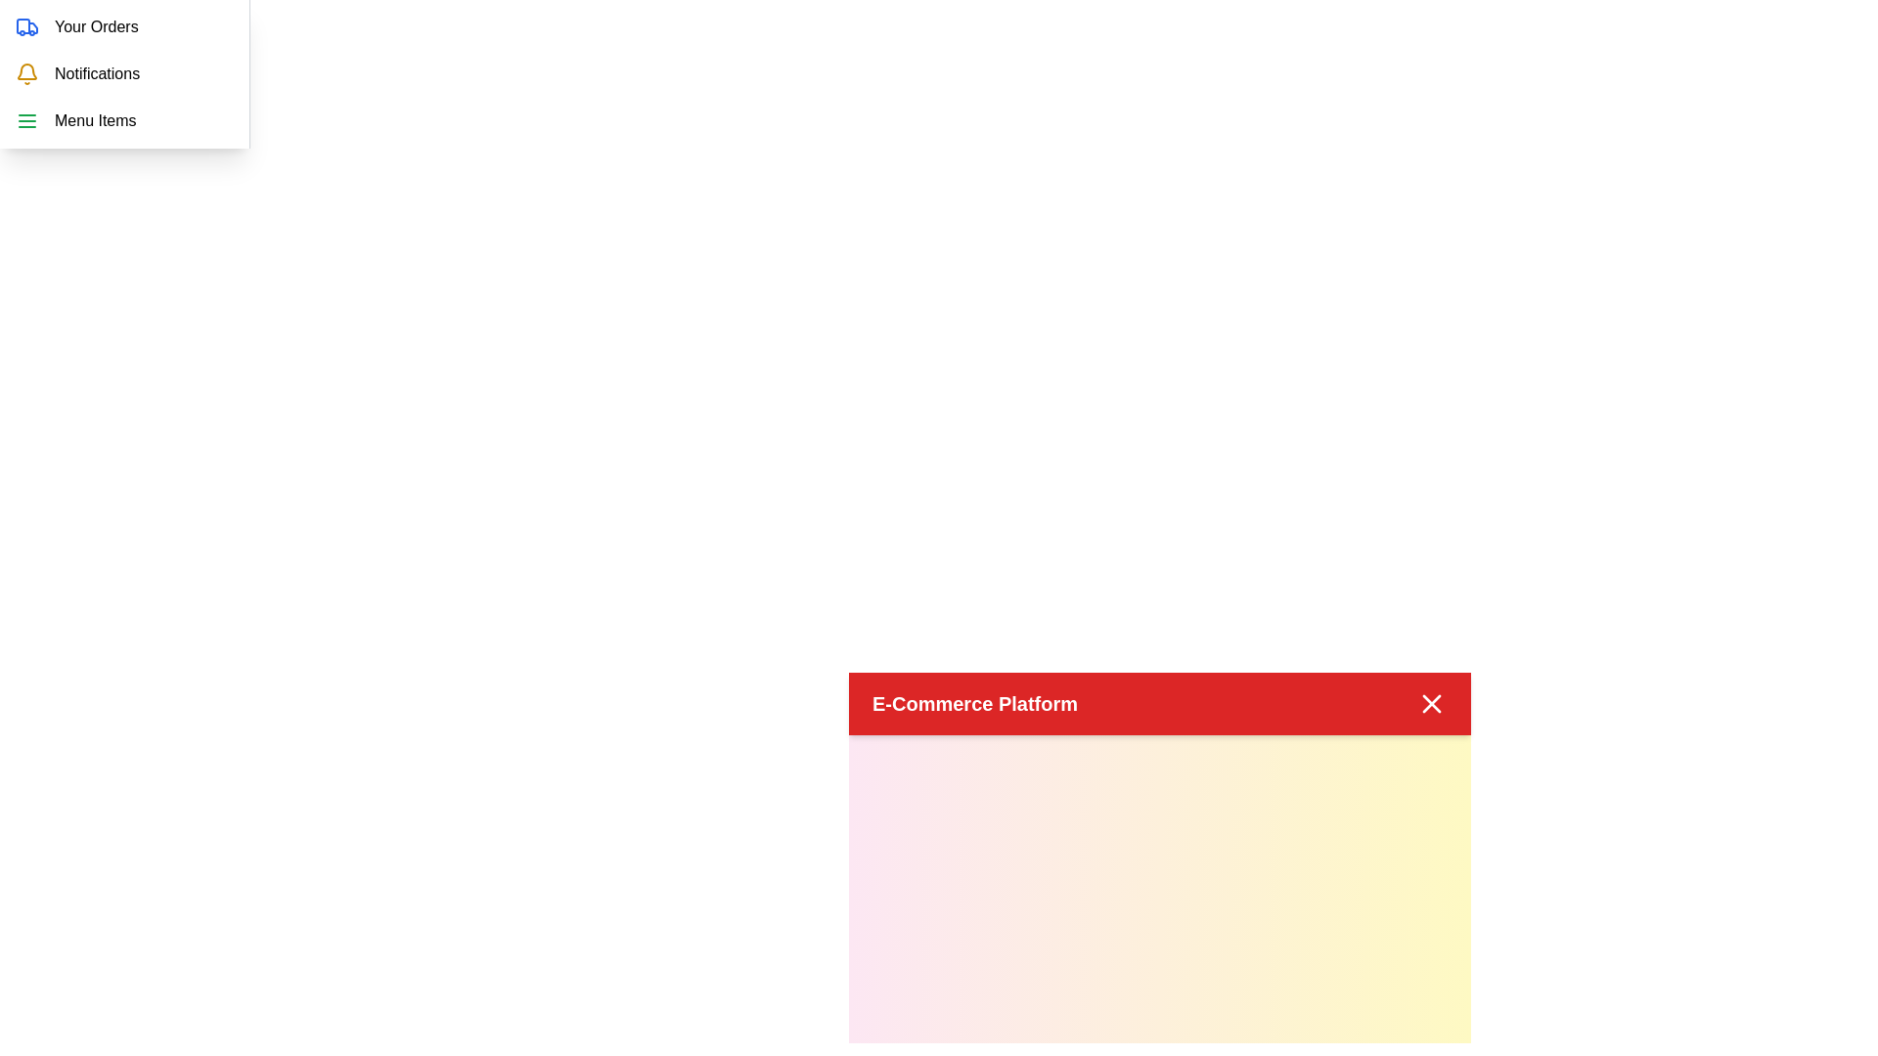 The image size is (1878, 1056). Describe the element at coordinates (27, 26) in the screenshot. I see `the truck icon styled with blue lines located next to the 'Your Orders' text for accessibility purposes` at that location.